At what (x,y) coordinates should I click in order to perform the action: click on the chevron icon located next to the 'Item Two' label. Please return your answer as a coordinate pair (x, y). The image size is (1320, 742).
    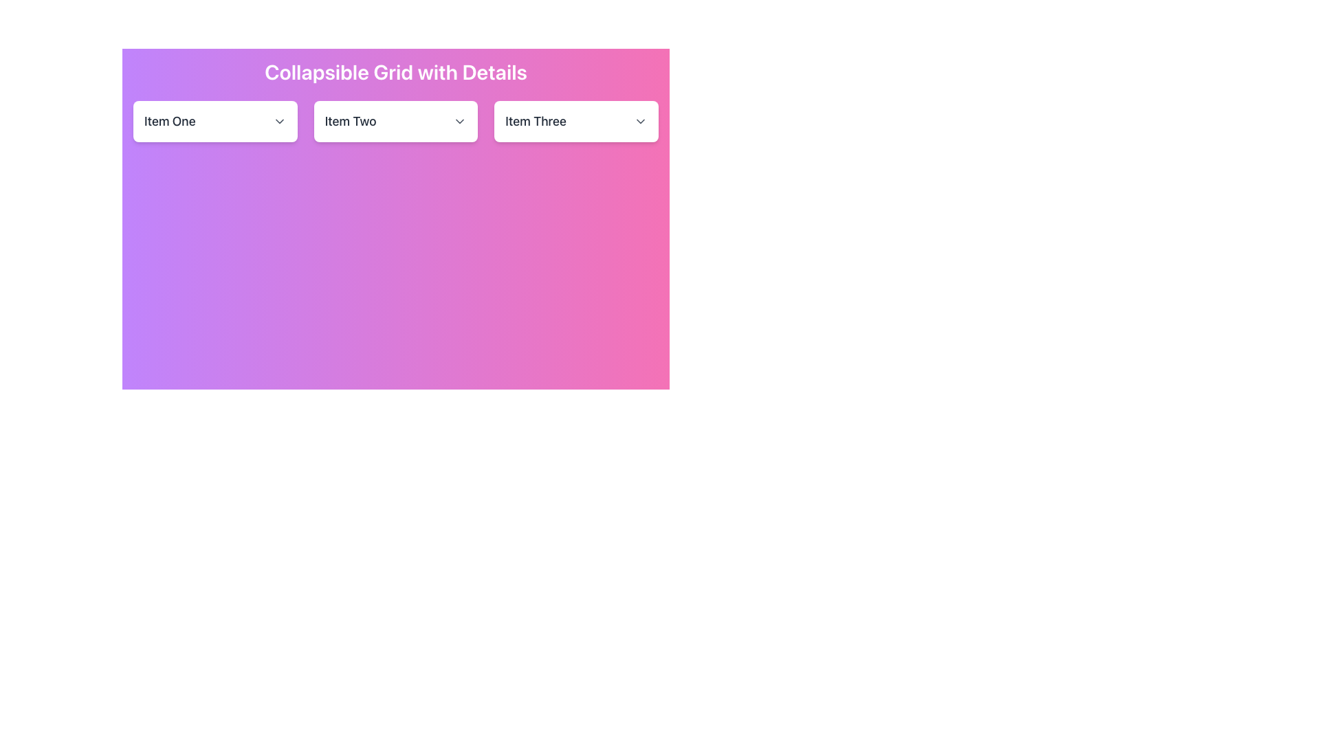
    Looking at the image, I should click on (460, 121).